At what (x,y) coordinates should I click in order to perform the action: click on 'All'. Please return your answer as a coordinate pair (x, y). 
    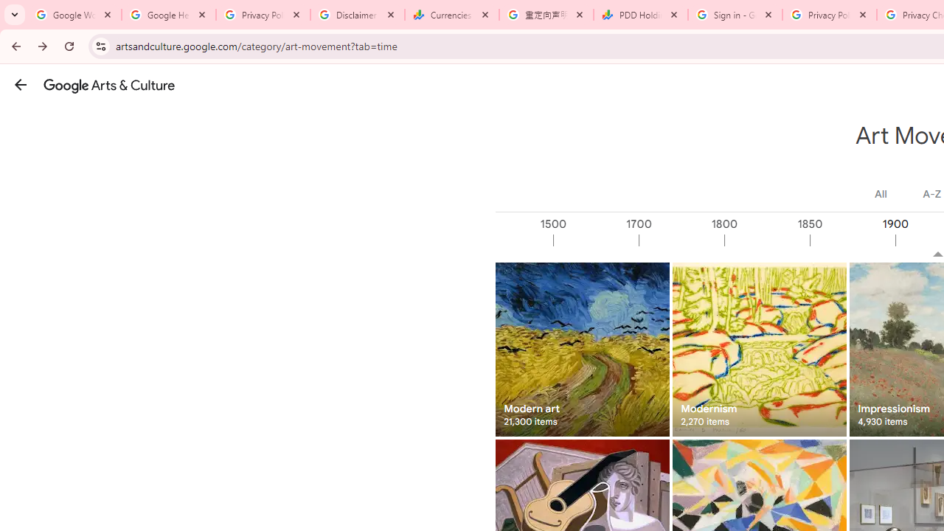
    Looking at the image, I should click on (881, 193).